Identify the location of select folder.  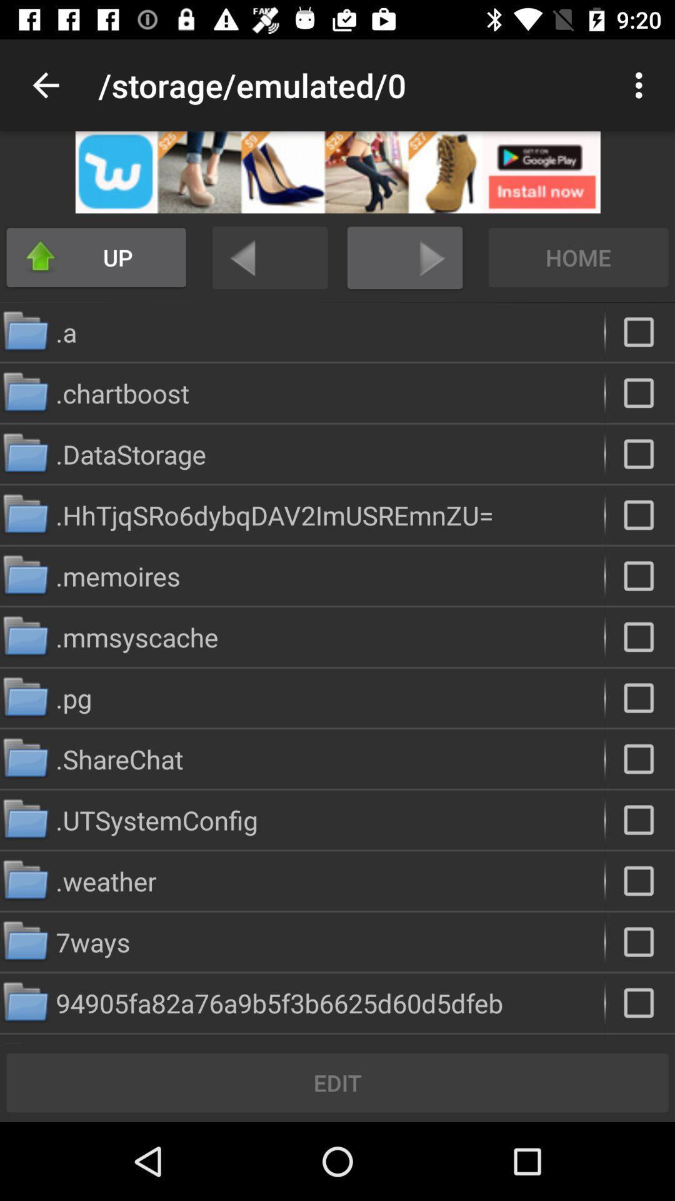
(640, 697).